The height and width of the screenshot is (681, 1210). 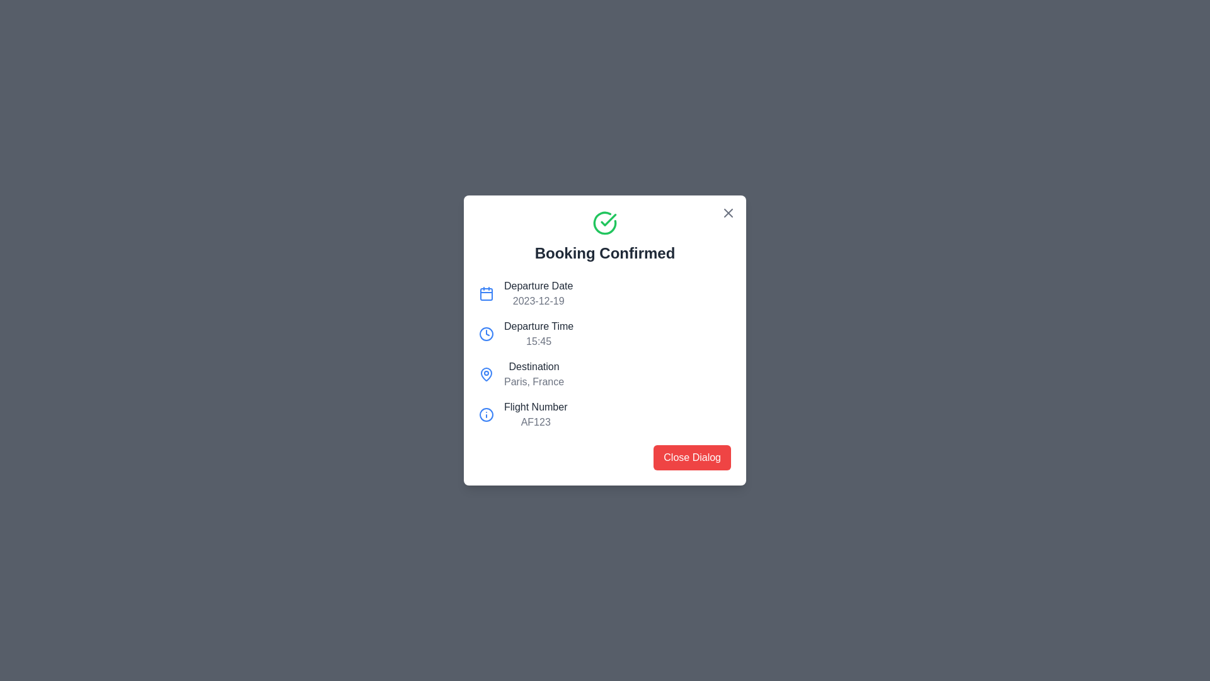 I want to click on the confirmation message header text label that indicates successful booking completion, located inside the modal dialog below the green checkmark icon, so click(x=605, y=253).